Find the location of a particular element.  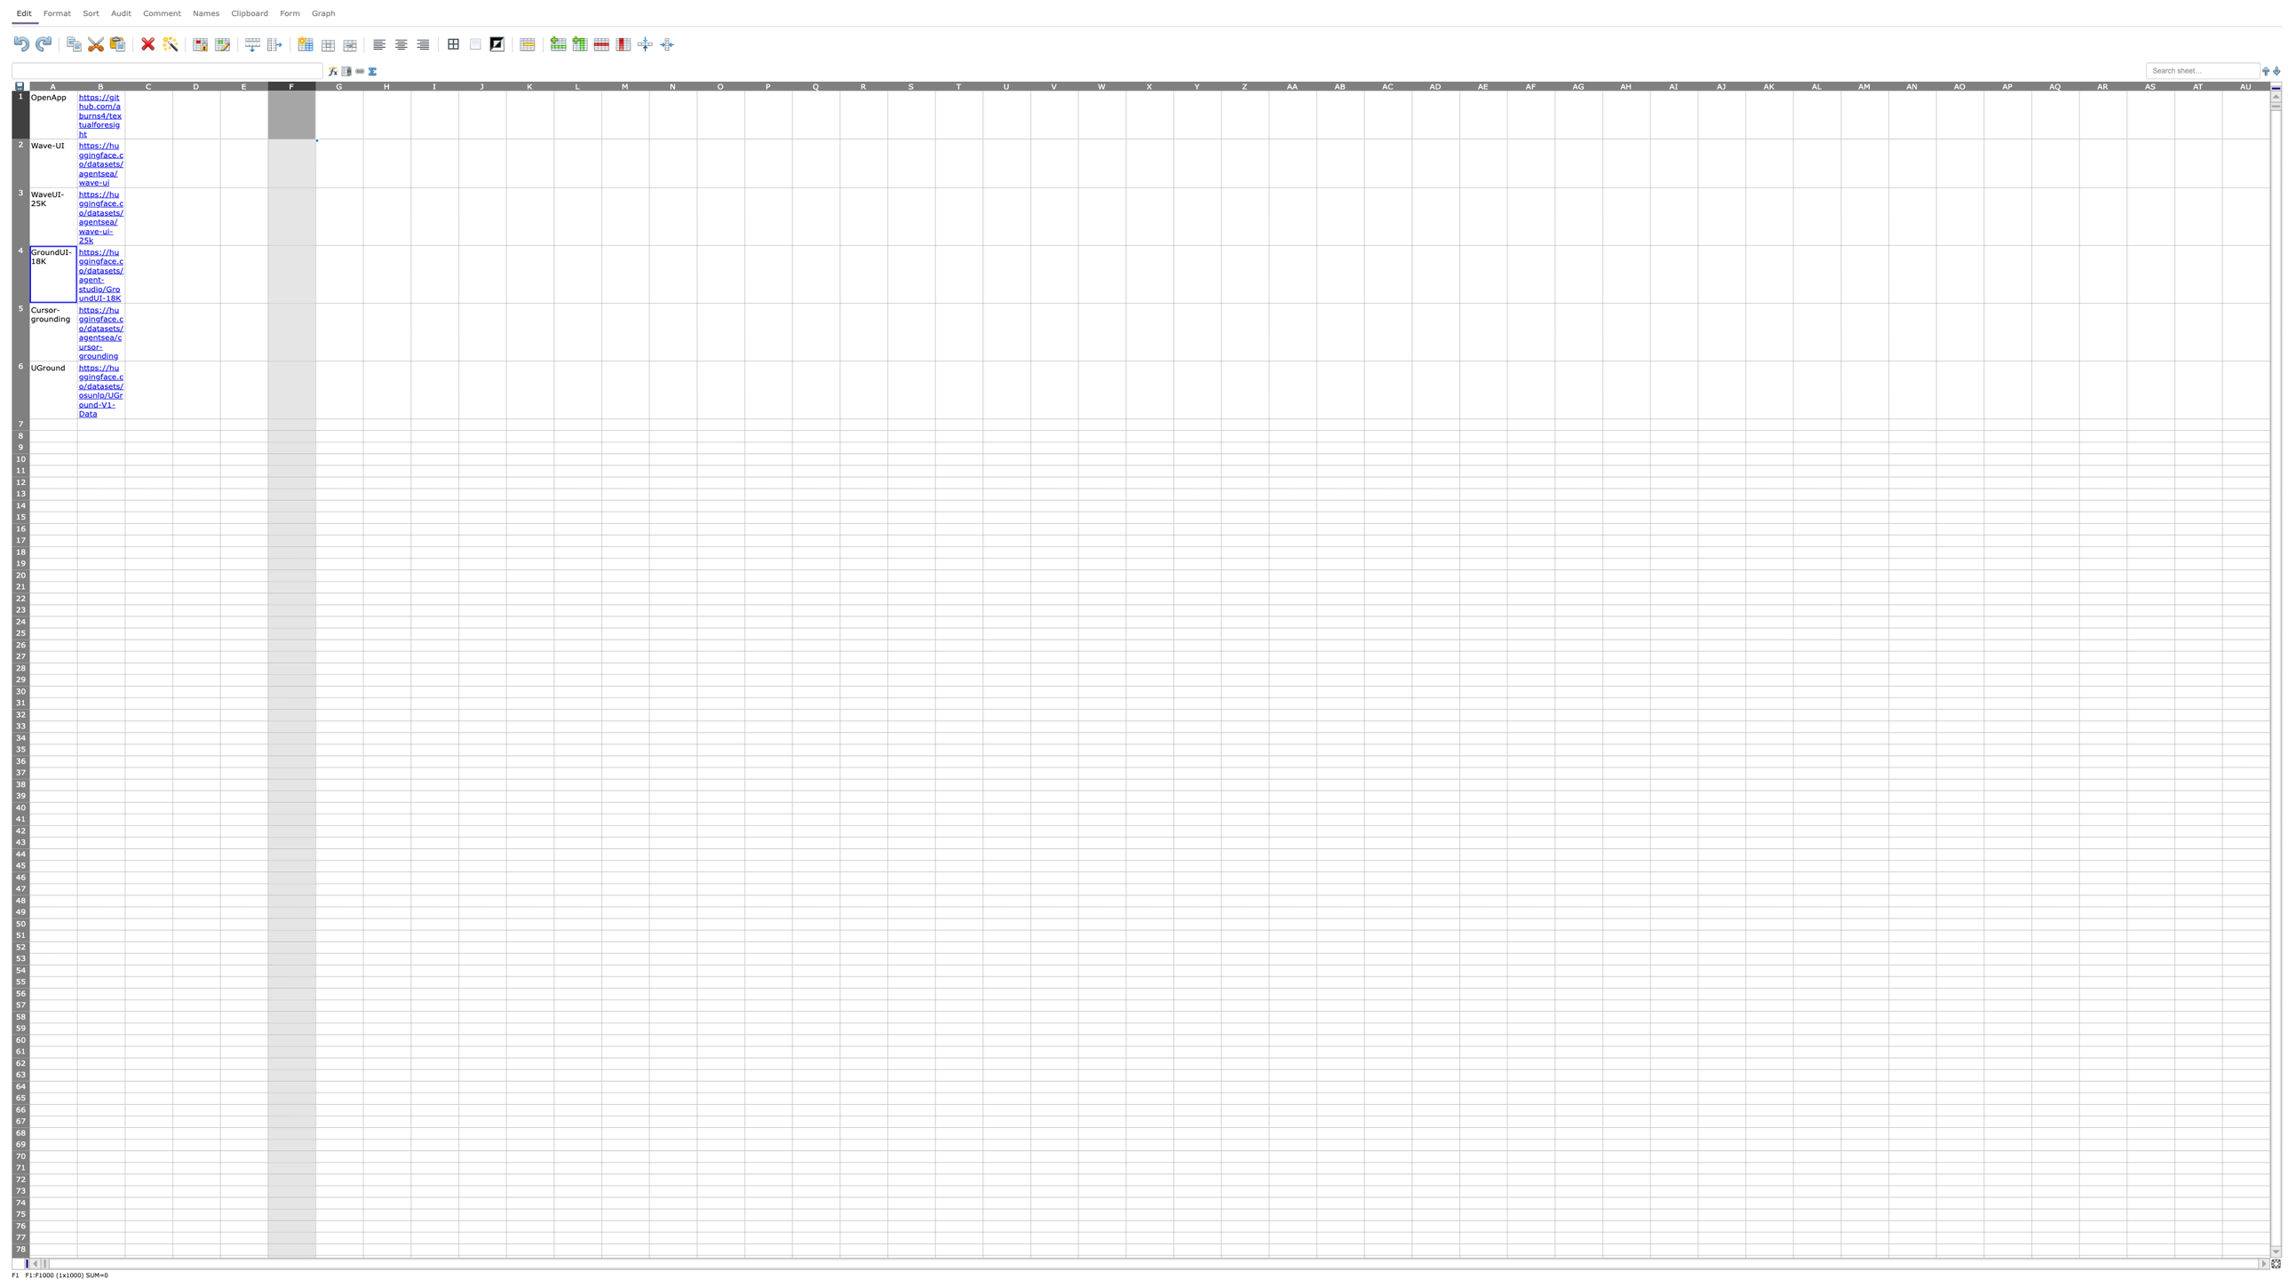

column header G is located at coordinates (338, 84).